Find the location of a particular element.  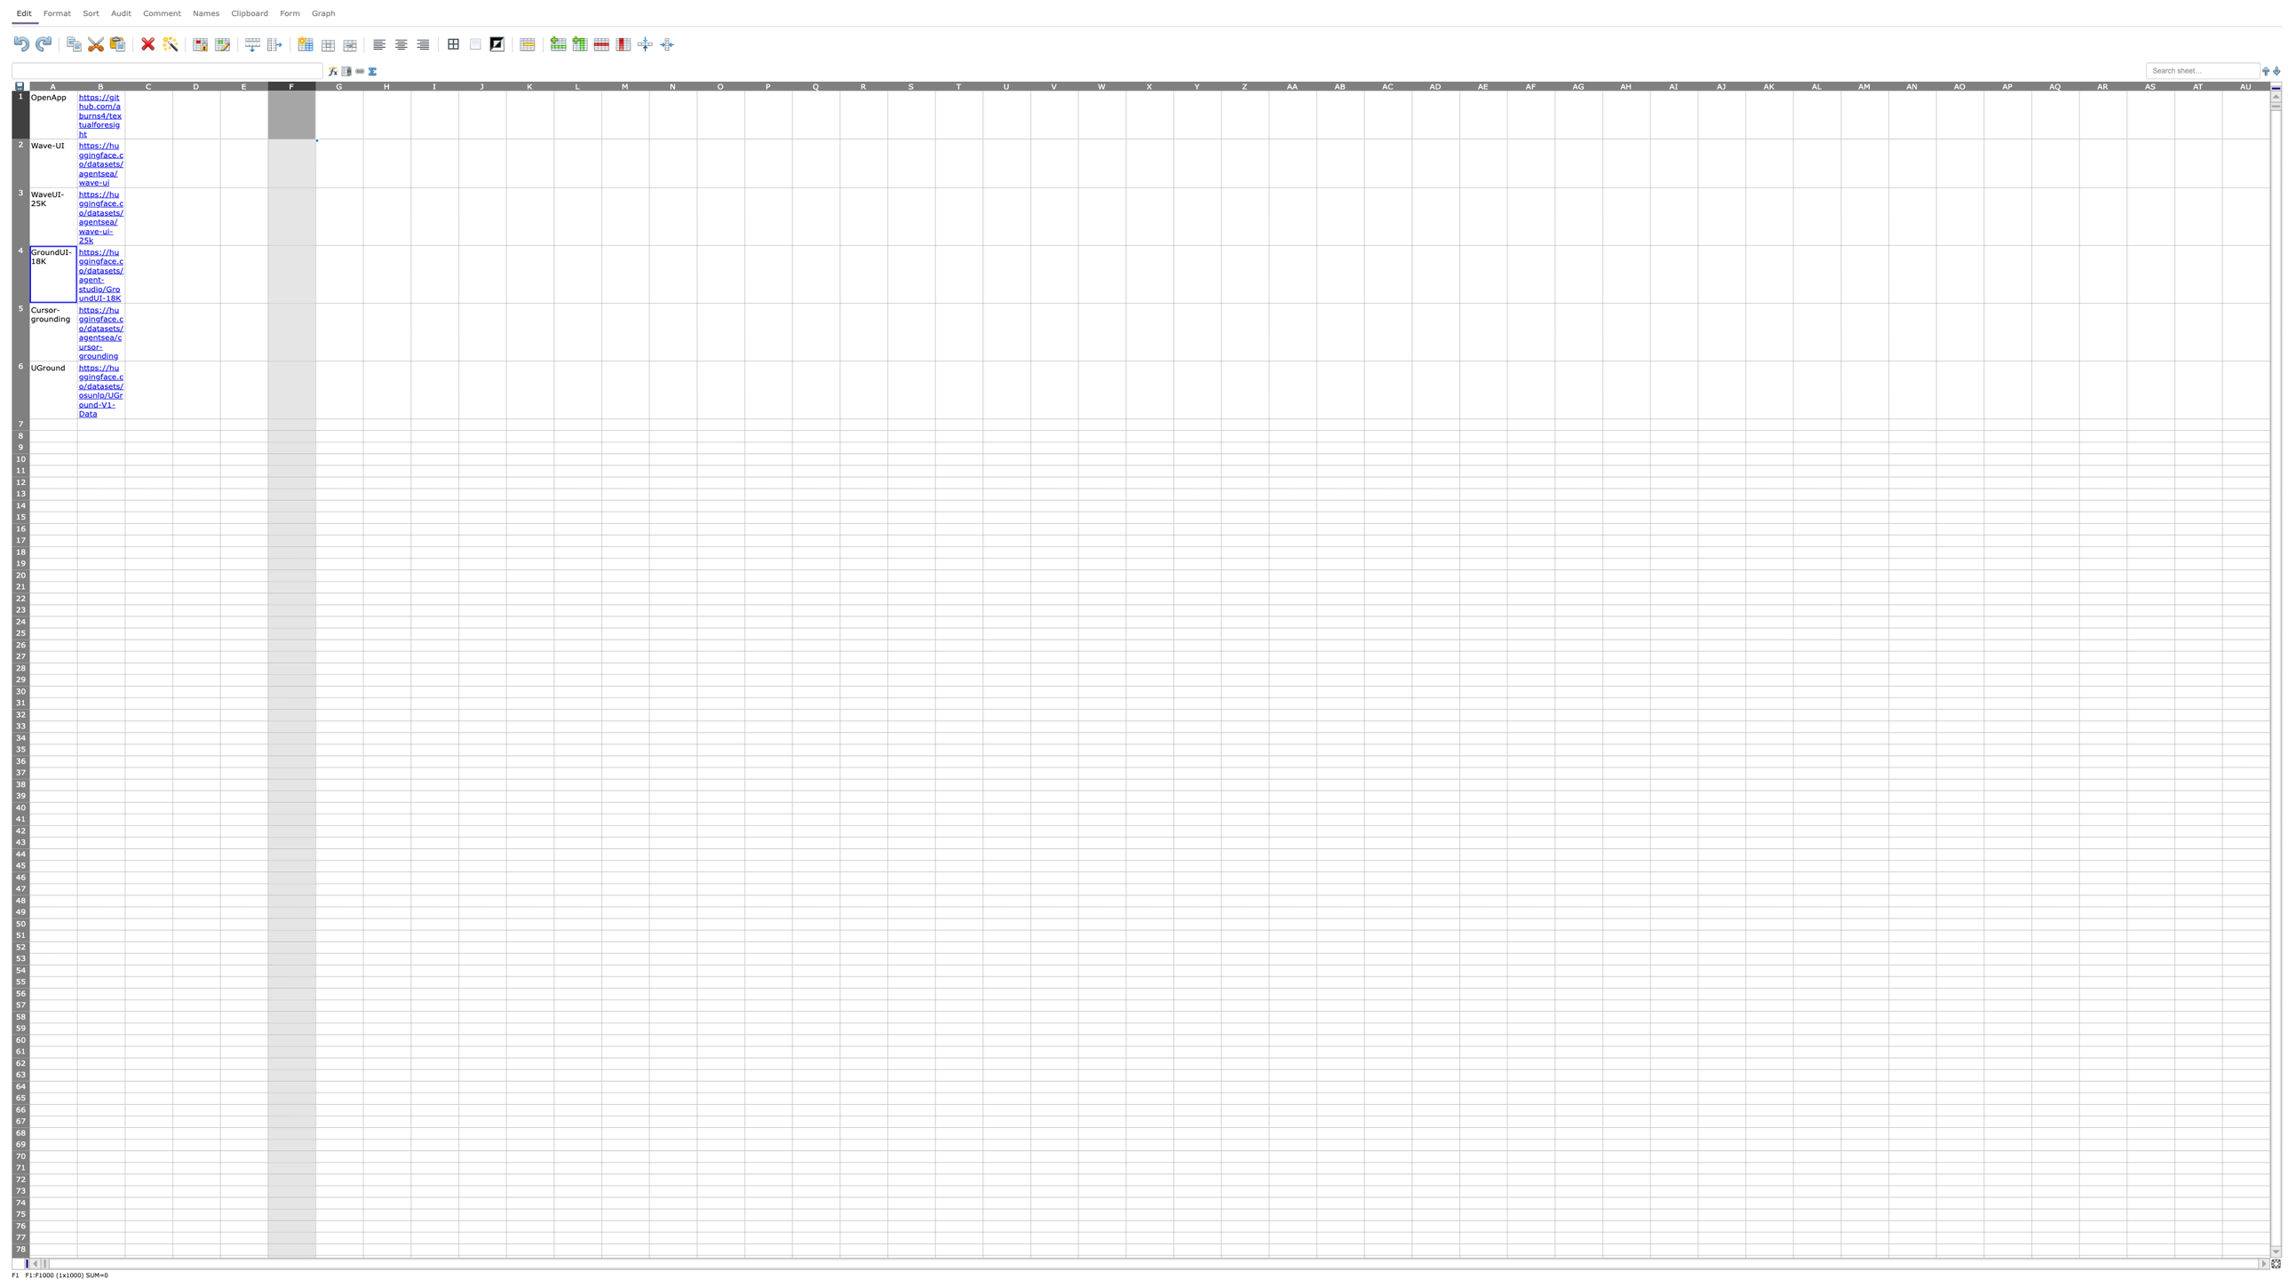

column header G is located at coordinates (338, 84).